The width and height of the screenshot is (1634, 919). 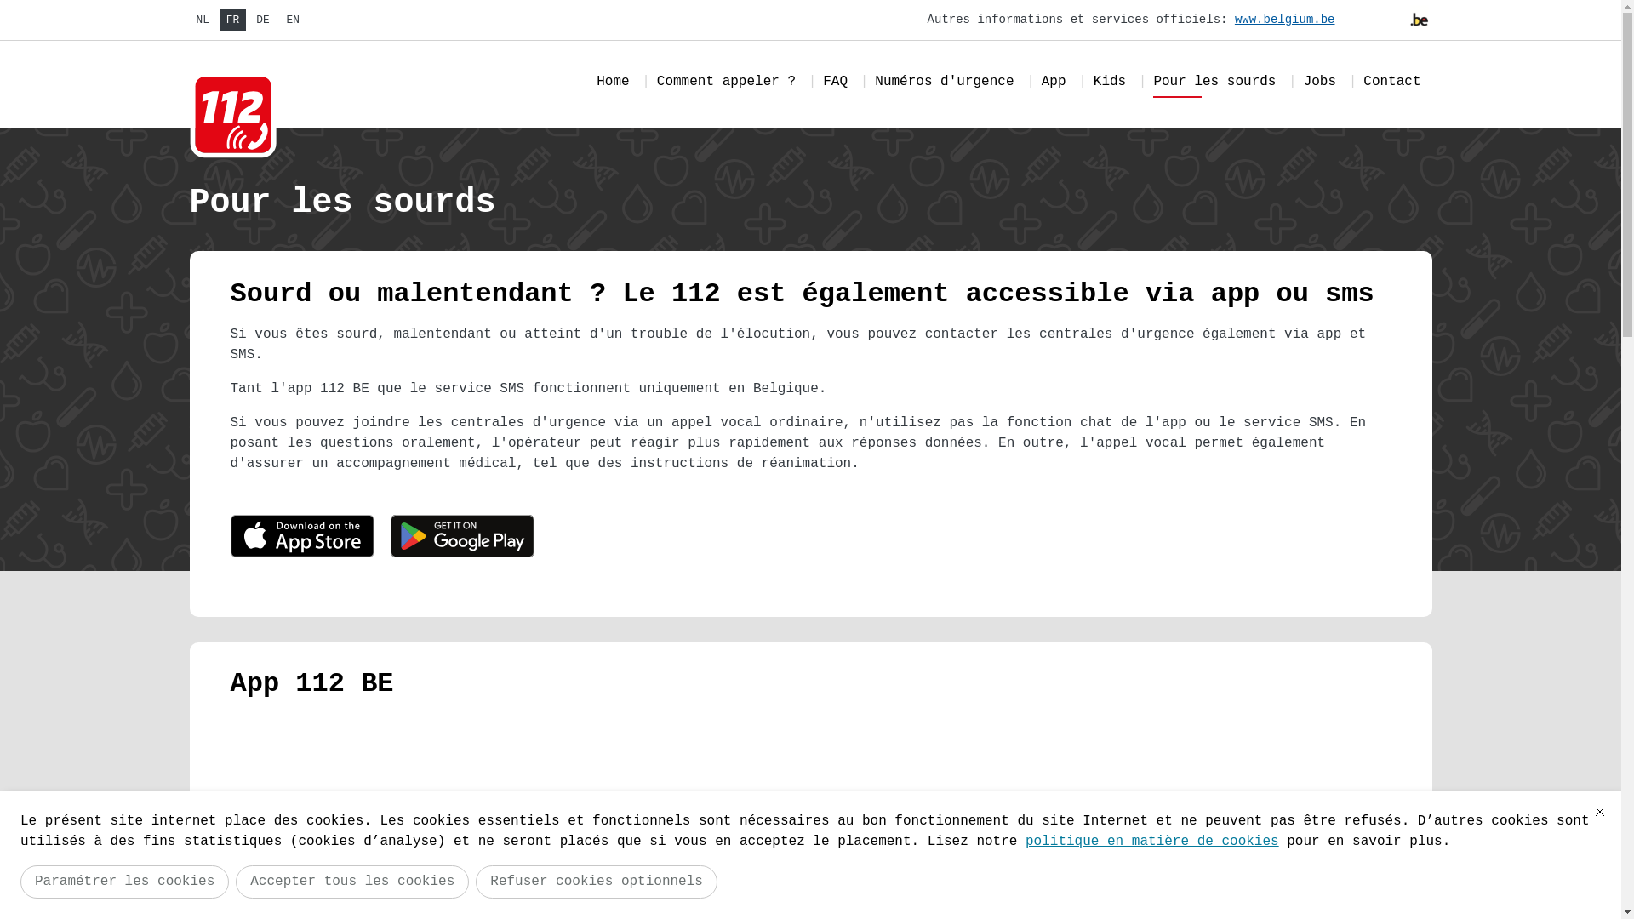 What do you see at coordinates (261, 20) in the screenshot?
I see `'DE'` at bounding box center [261, 20].